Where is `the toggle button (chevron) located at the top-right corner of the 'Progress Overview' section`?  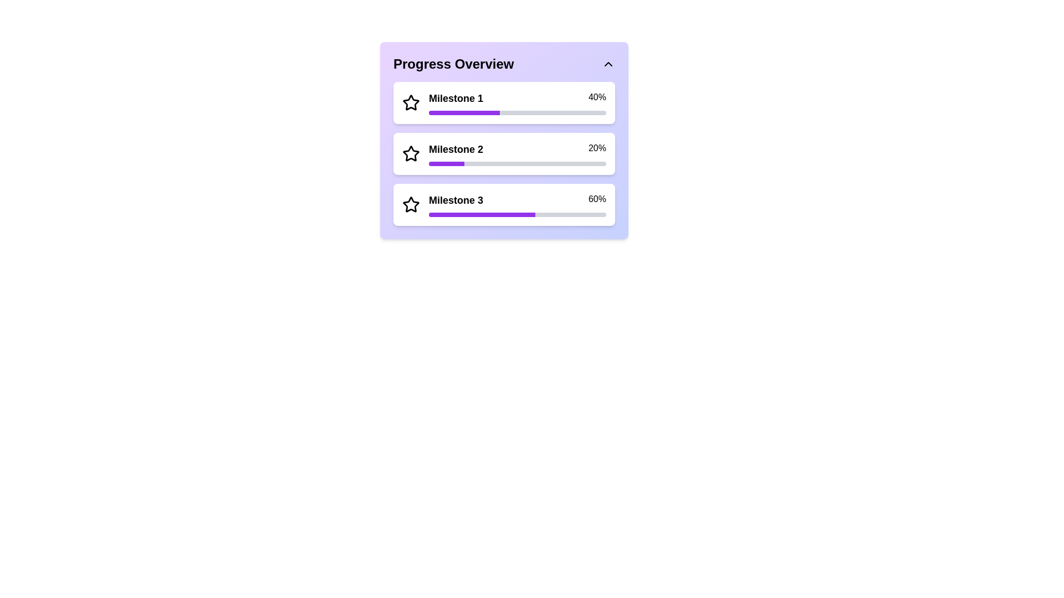
the toggle button (chevron) located at the top-right corner of the 'Progress Overview' section is located at coordinates (608, 64).